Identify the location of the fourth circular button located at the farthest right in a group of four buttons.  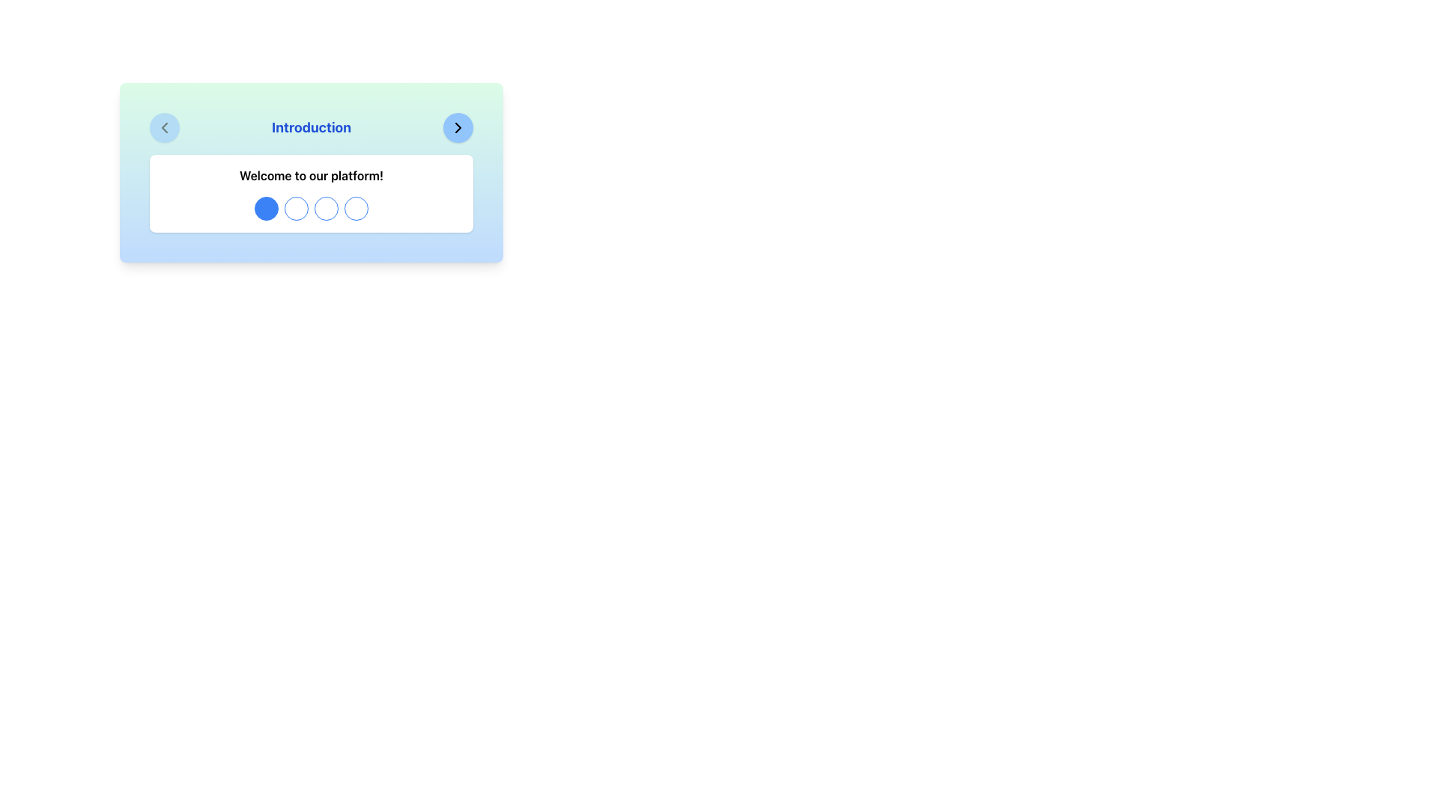
(355, 208).